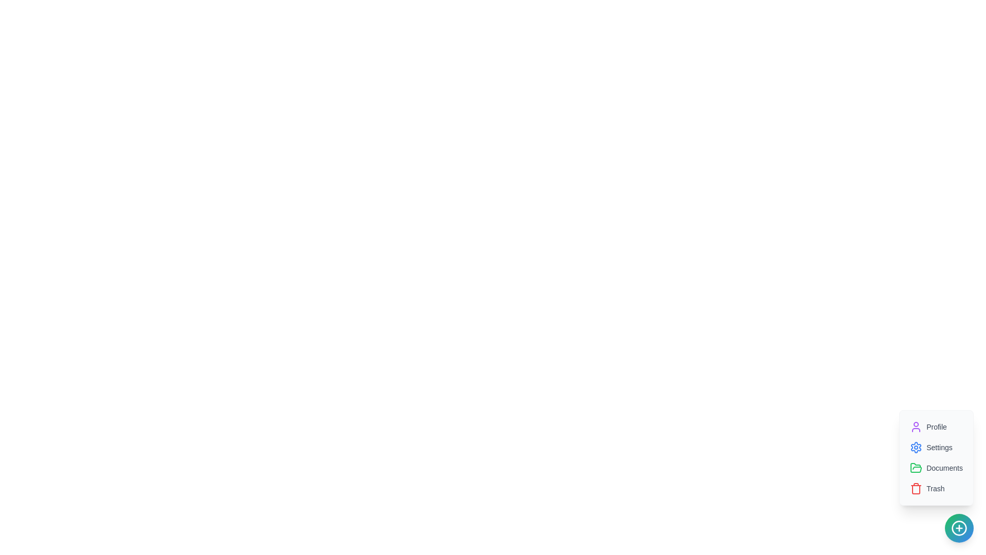 The height and width of the screenshot is (555, 986). What do you see at coordinates (931, 447) in the screenshot?
I see `the 'Settings' button in the menu` at bounding box center [931, 447].